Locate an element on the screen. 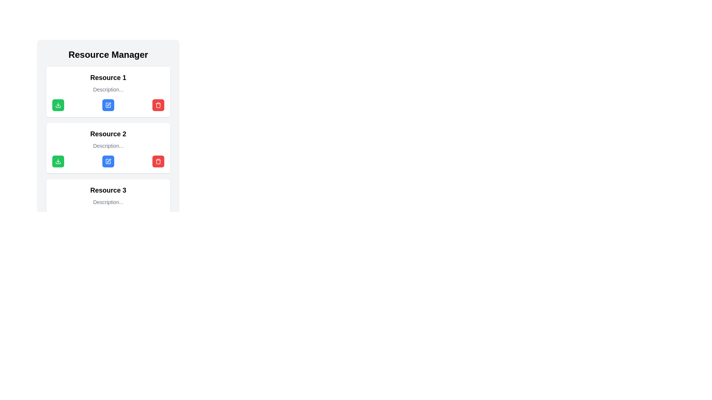 This screenshot has height=400, width=712. the square button with a blue background and rounded corners, which contains a small white pen icon, located in the second resource card is located at coordinates (108, 105).